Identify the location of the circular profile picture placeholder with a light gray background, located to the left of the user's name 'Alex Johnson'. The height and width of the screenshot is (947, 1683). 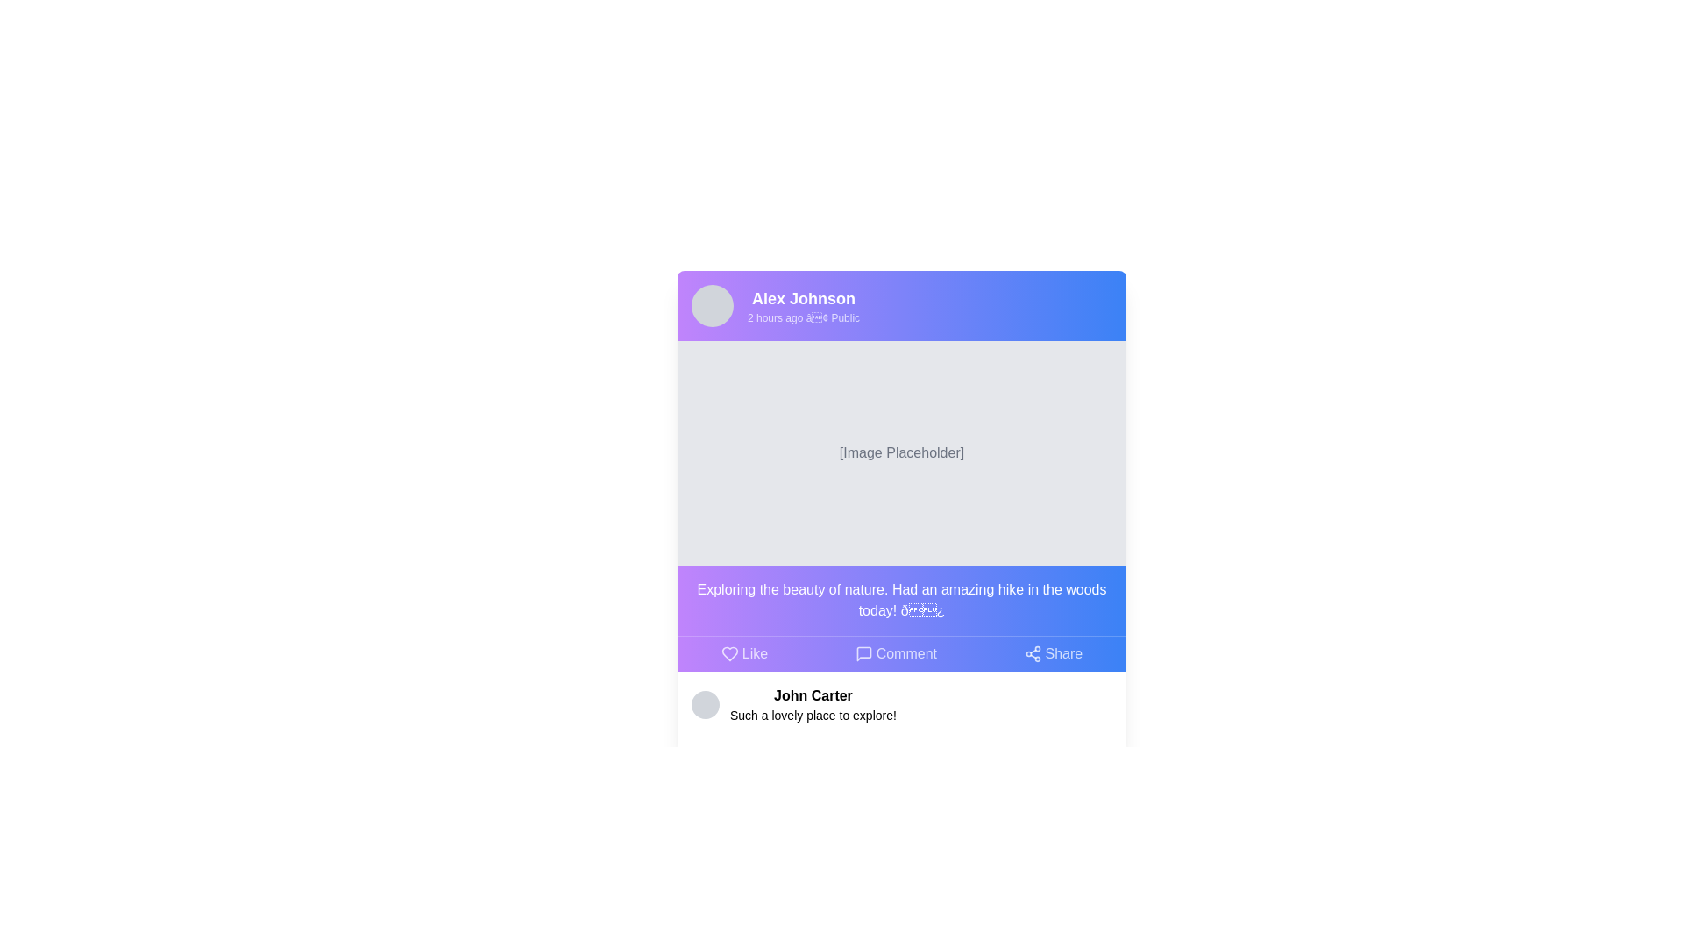
(712, 304).